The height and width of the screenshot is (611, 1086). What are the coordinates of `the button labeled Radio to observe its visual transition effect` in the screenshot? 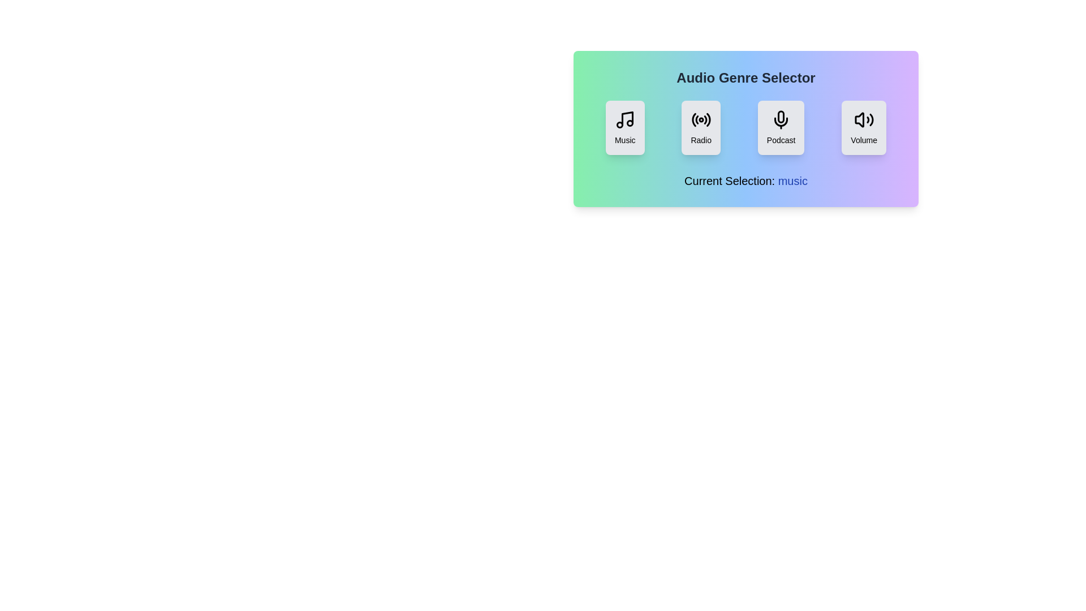 It's located at (700, 127).